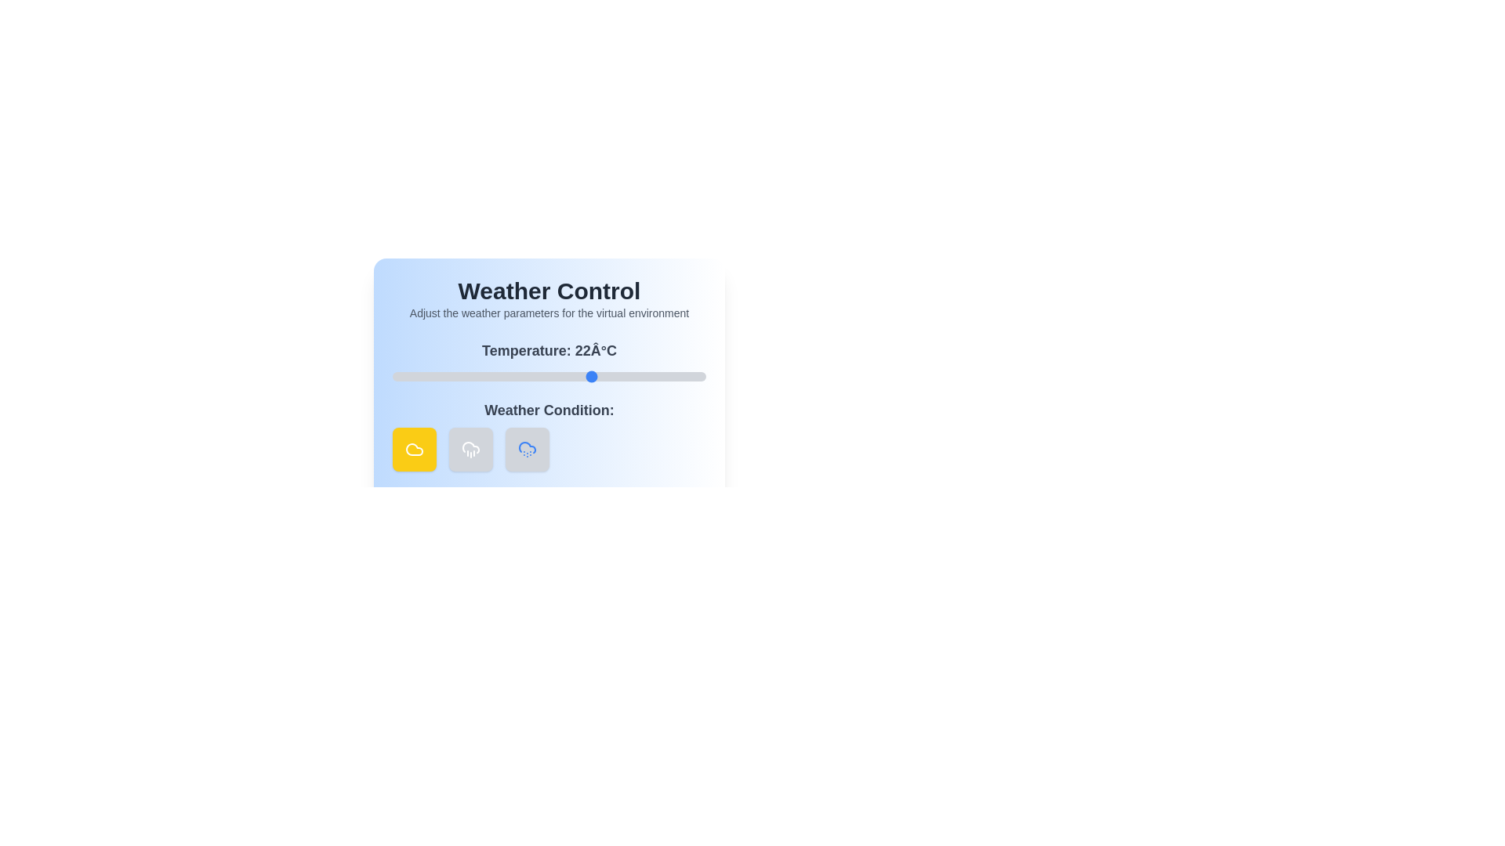 Image resolution: width=1505 pixels, height=846 pixels. What do you see at coordinates (414, 450) in the screenshot?
I see `'Clear' weather condition button` at bounding box center [414, 450].